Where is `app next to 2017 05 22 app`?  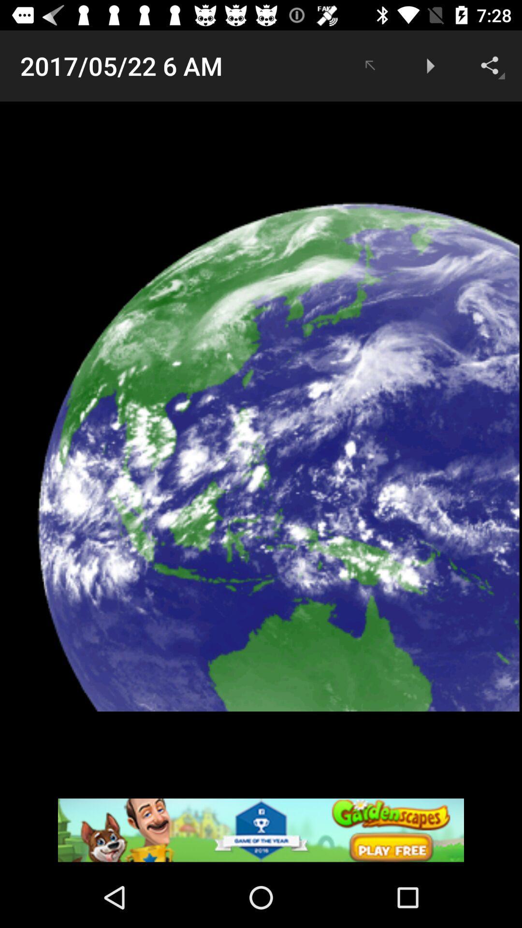
app next to 2017 05 22 app is located at coordinates (369, 65).